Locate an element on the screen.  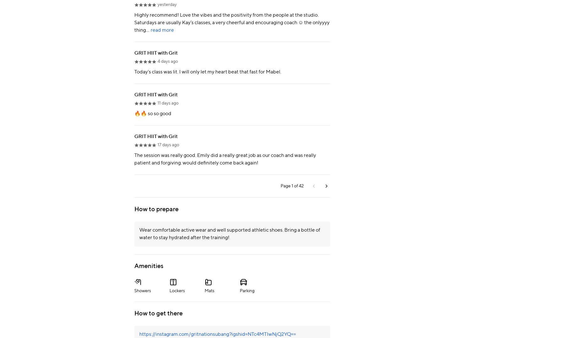
'https://instagram.com/gritnationsubang?igshid=NTc4MTIwNjQ2YQ==' is located at coordinates (139, 334).